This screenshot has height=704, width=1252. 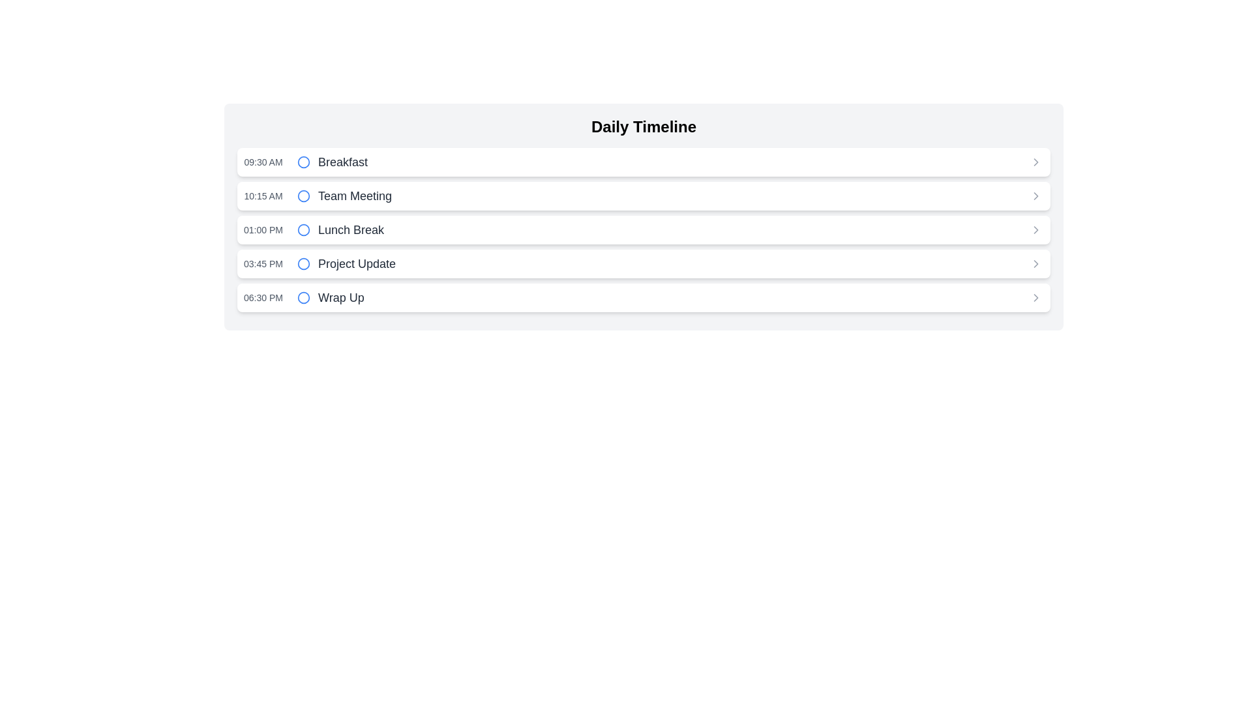 I want to click on the task based on the fourth Circle icon, so click(x=303, y=264).